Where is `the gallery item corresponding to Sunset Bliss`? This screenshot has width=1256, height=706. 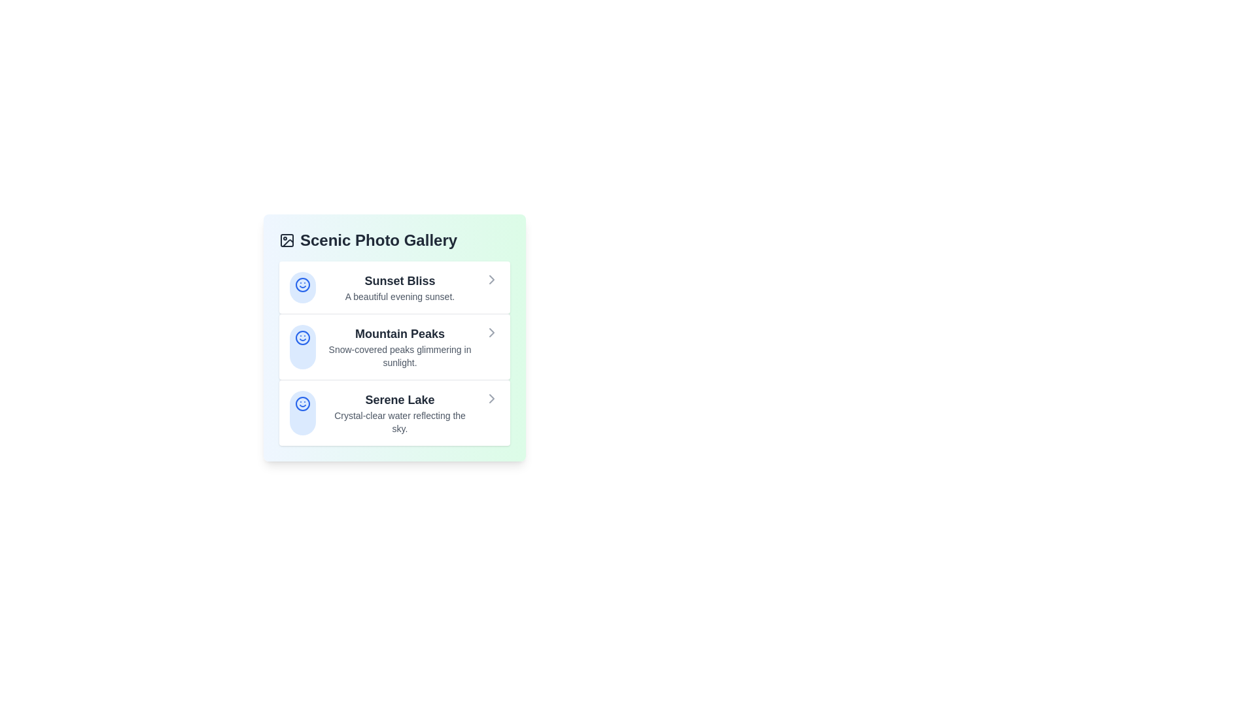
the gallery item corresponding to Sunset Bliss is located at coordinates (394, 286).